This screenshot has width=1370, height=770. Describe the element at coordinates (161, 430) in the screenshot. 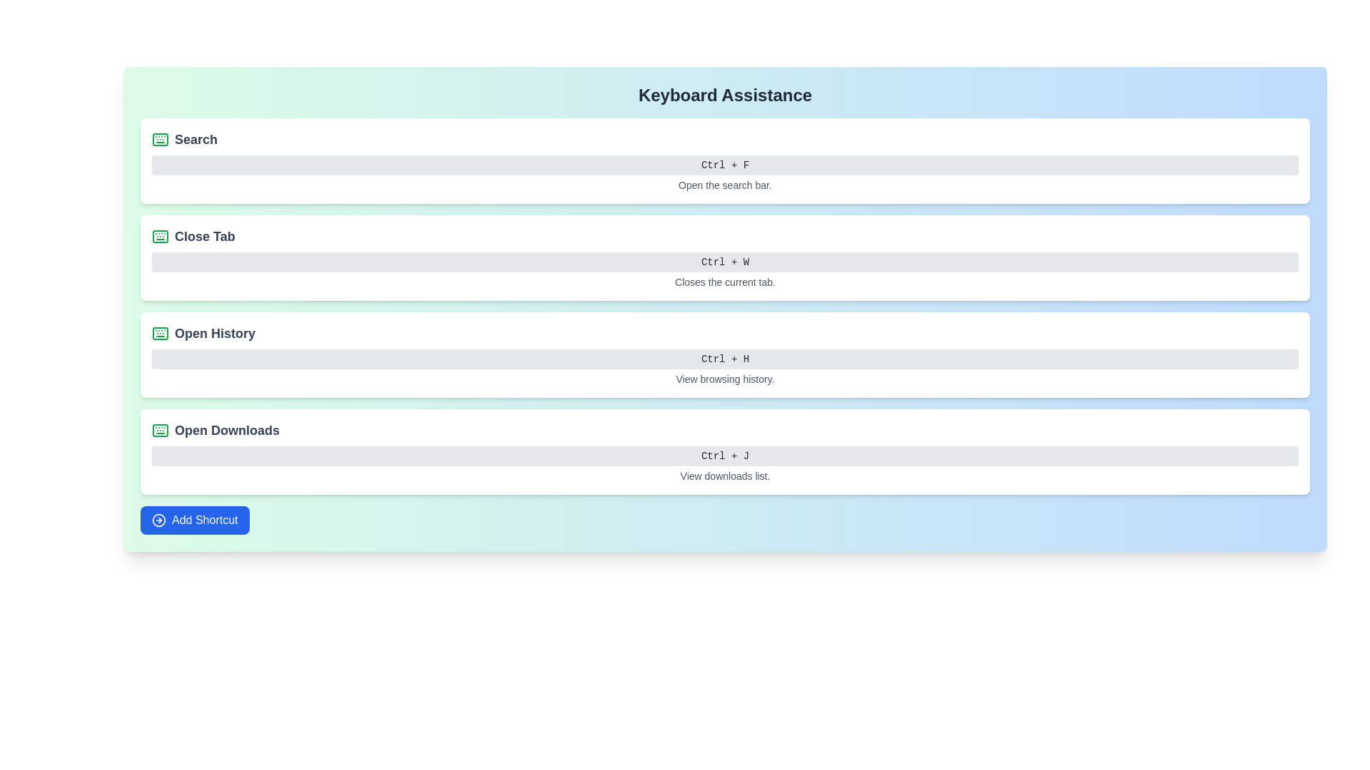

I see `the background rectangle of the keyboard icon, which serves as the main shape or structural component of the SVG icon` at that location.